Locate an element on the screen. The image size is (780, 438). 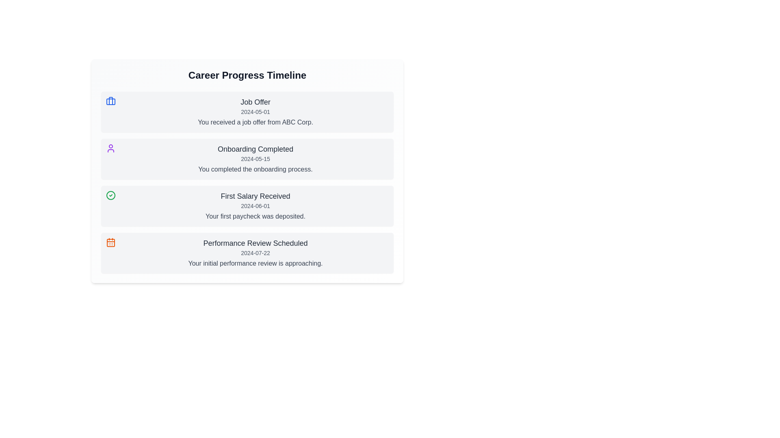
the Text Label element displaying 'Onboarding Completed', which is styled with a bold and large font, colored gray, and positioned in the second spot of the Career Progress Timeline is located at coordinates (255, 149).